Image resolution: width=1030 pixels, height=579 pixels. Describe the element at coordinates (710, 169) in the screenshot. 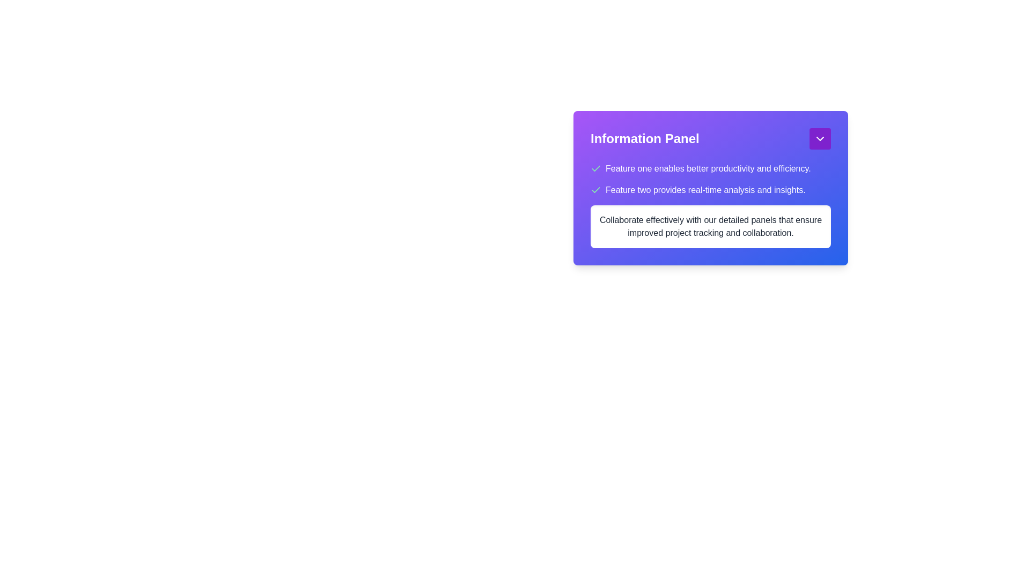

I see `the first list item in the 'Information Panel' that features a green checkmark icon and the text 'Feature one enables better productivity and efficiency.'` at that location.